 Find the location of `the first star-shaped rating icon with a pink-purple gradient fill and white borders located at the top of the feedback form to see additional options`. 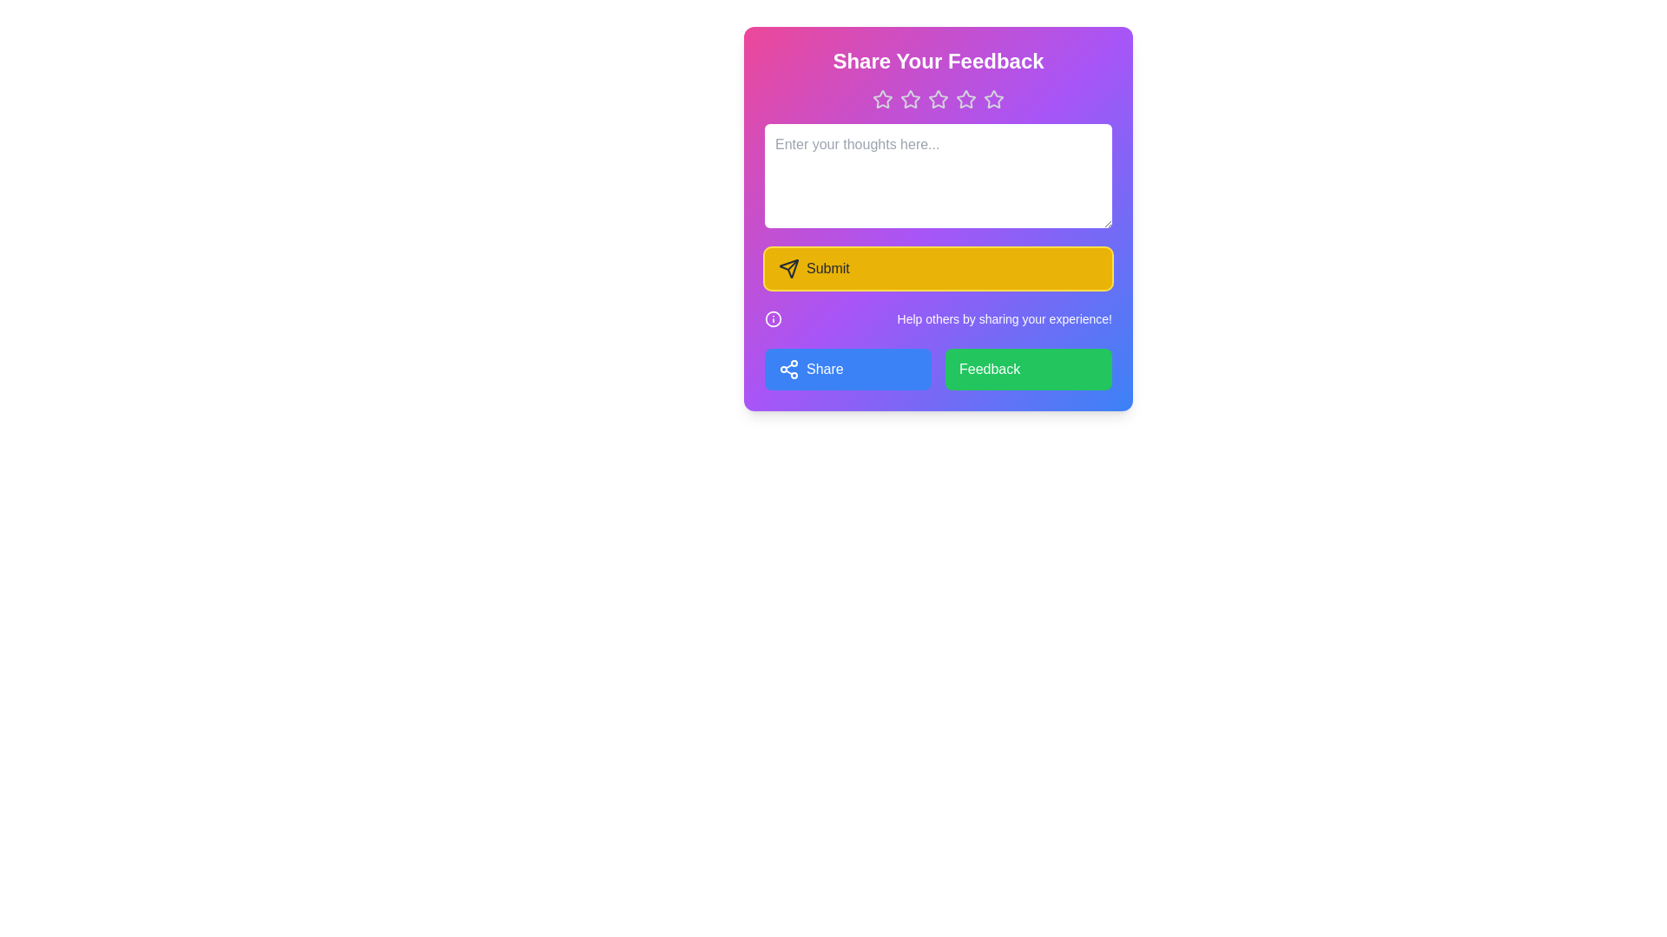

the first star-shaped rating icon with a pink-purple gradient fill and white borders located at the top of the feedback form to see additional options is located at coordinates (883, 99).